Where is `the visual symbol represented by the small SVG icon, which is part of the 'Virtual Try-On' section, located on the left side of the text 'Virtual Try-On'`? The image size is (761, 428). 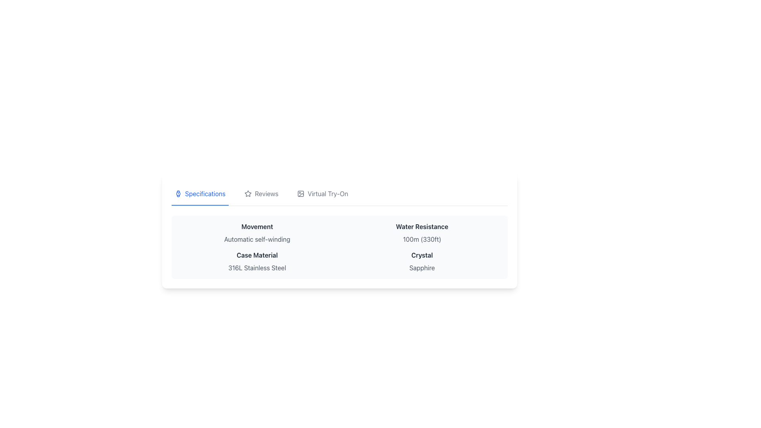
the visual symbol represented by the small SVG icon, which is part of the 'Virtual Try-On' section, located on the left side of the text 'Virtual Try-On' is located at coordinates (300, 194).